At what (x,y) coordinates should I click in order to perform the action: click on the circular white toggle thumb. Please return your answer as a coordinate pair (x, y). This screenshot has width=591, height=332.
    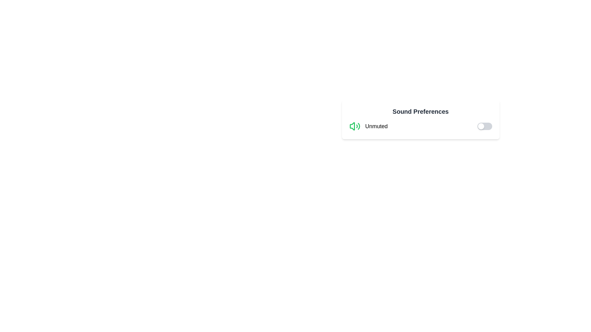
    Looking at the image, I should click on (480, 126).